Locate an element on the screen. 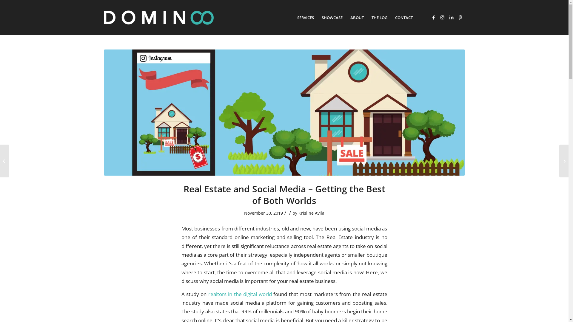 The height and width of the screenshot is (322, 573). 'THE LOG' is located at coordinates (379, 17).